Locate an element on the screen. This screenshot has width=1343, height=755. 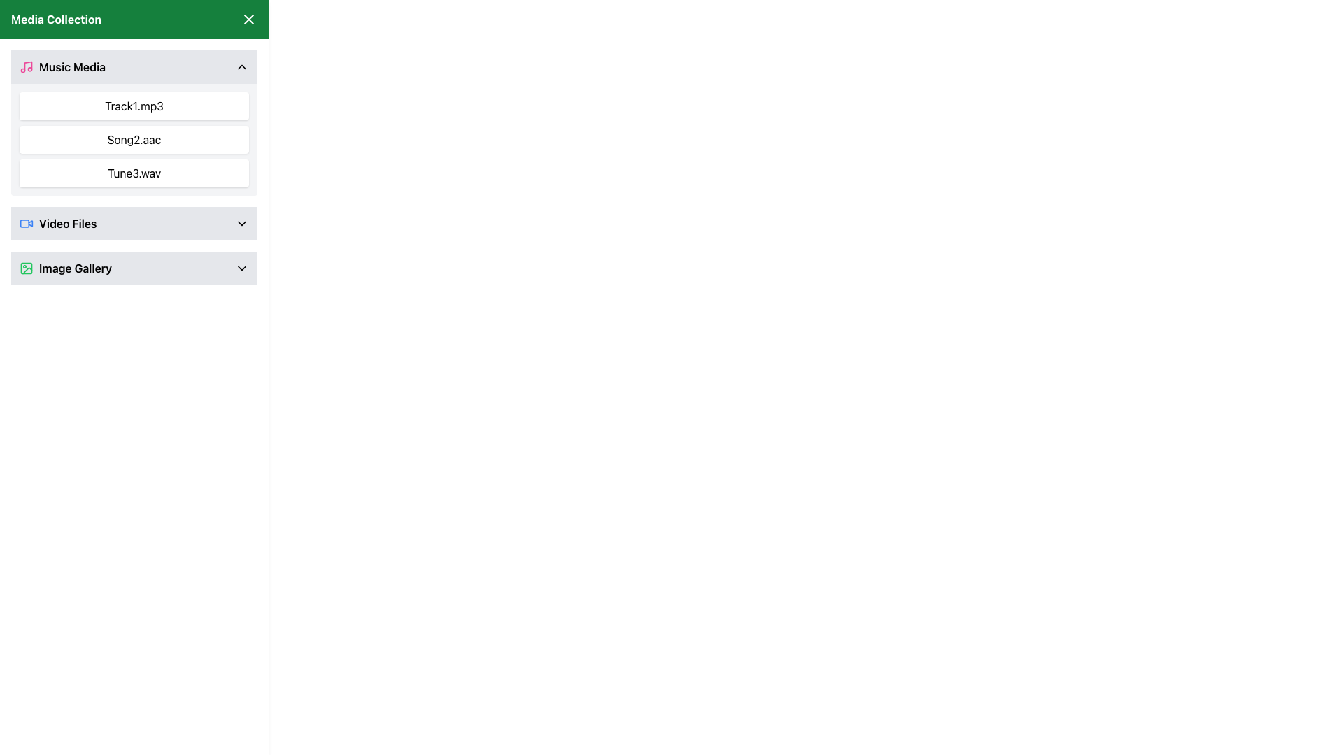
the interactive toggle button, represented by a small downward-pointing chevron icon, located at the far right of the 'Video Files' header row is located at coordinates (241, 223).